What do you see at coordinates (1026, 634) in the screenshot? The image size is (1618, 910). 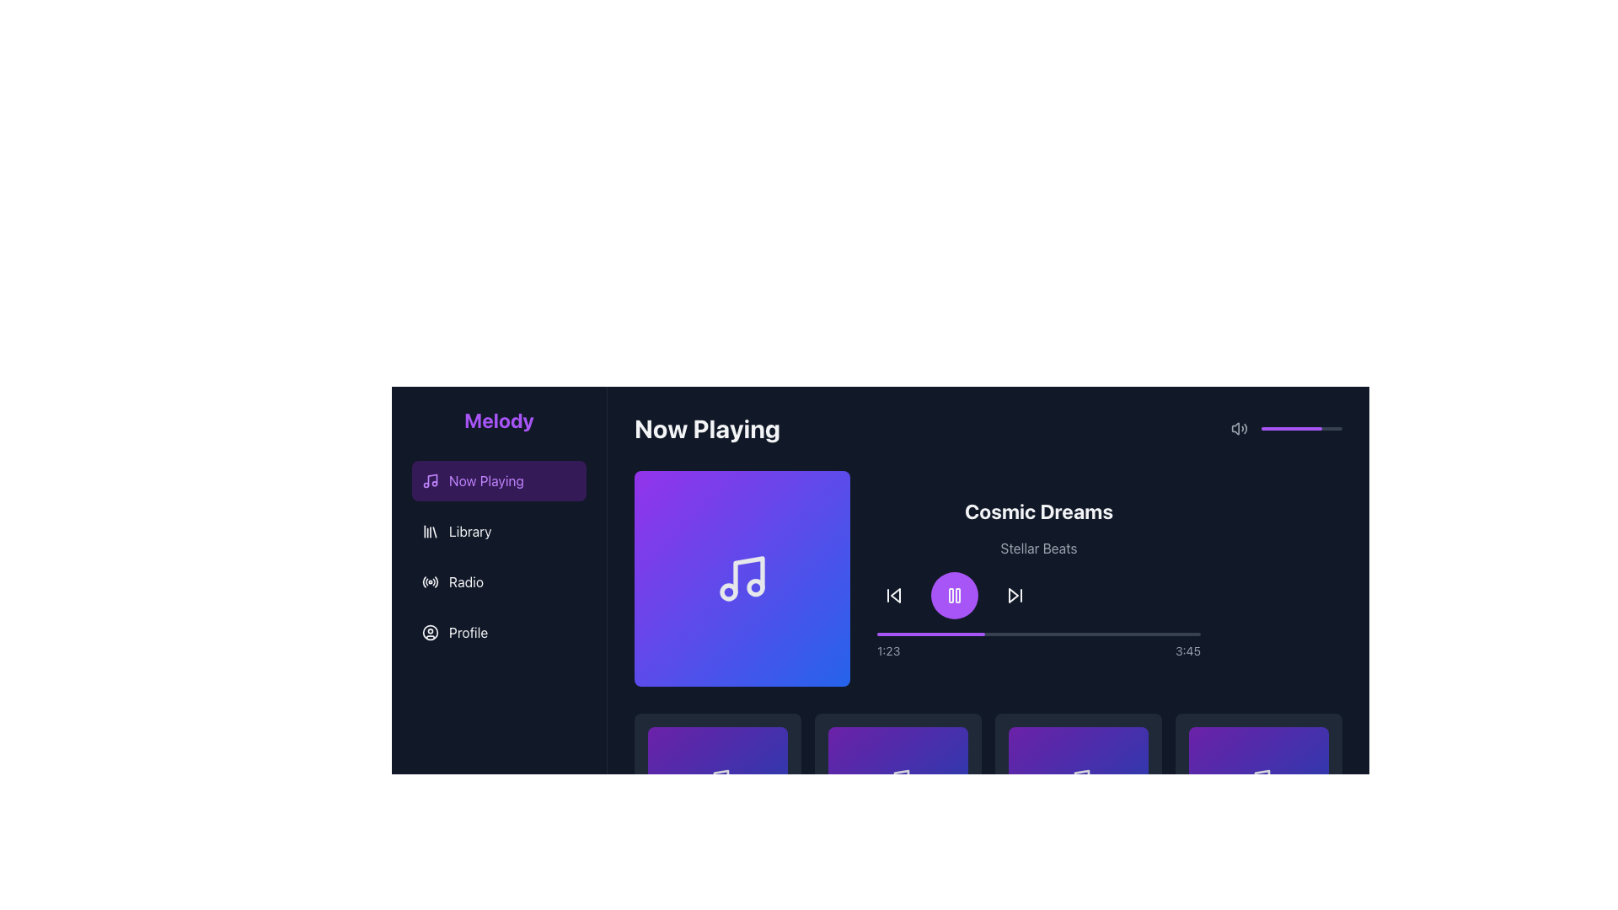 I see `media playback` at bounding box center [1026, 634].